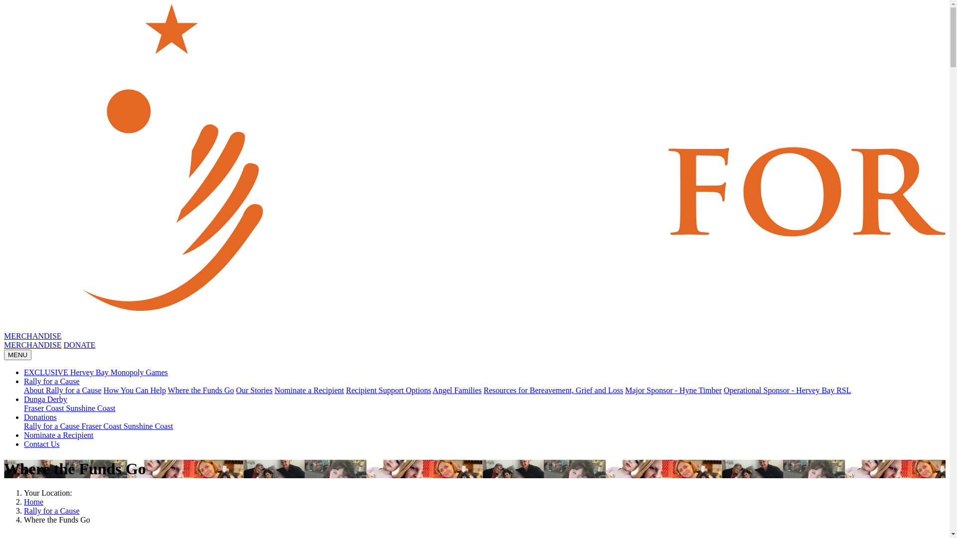 The image size is (957, 538). What do you see at coordinates (33, 502) in the screenshot?
I see `'Home'` at bounding box center [33, 502].